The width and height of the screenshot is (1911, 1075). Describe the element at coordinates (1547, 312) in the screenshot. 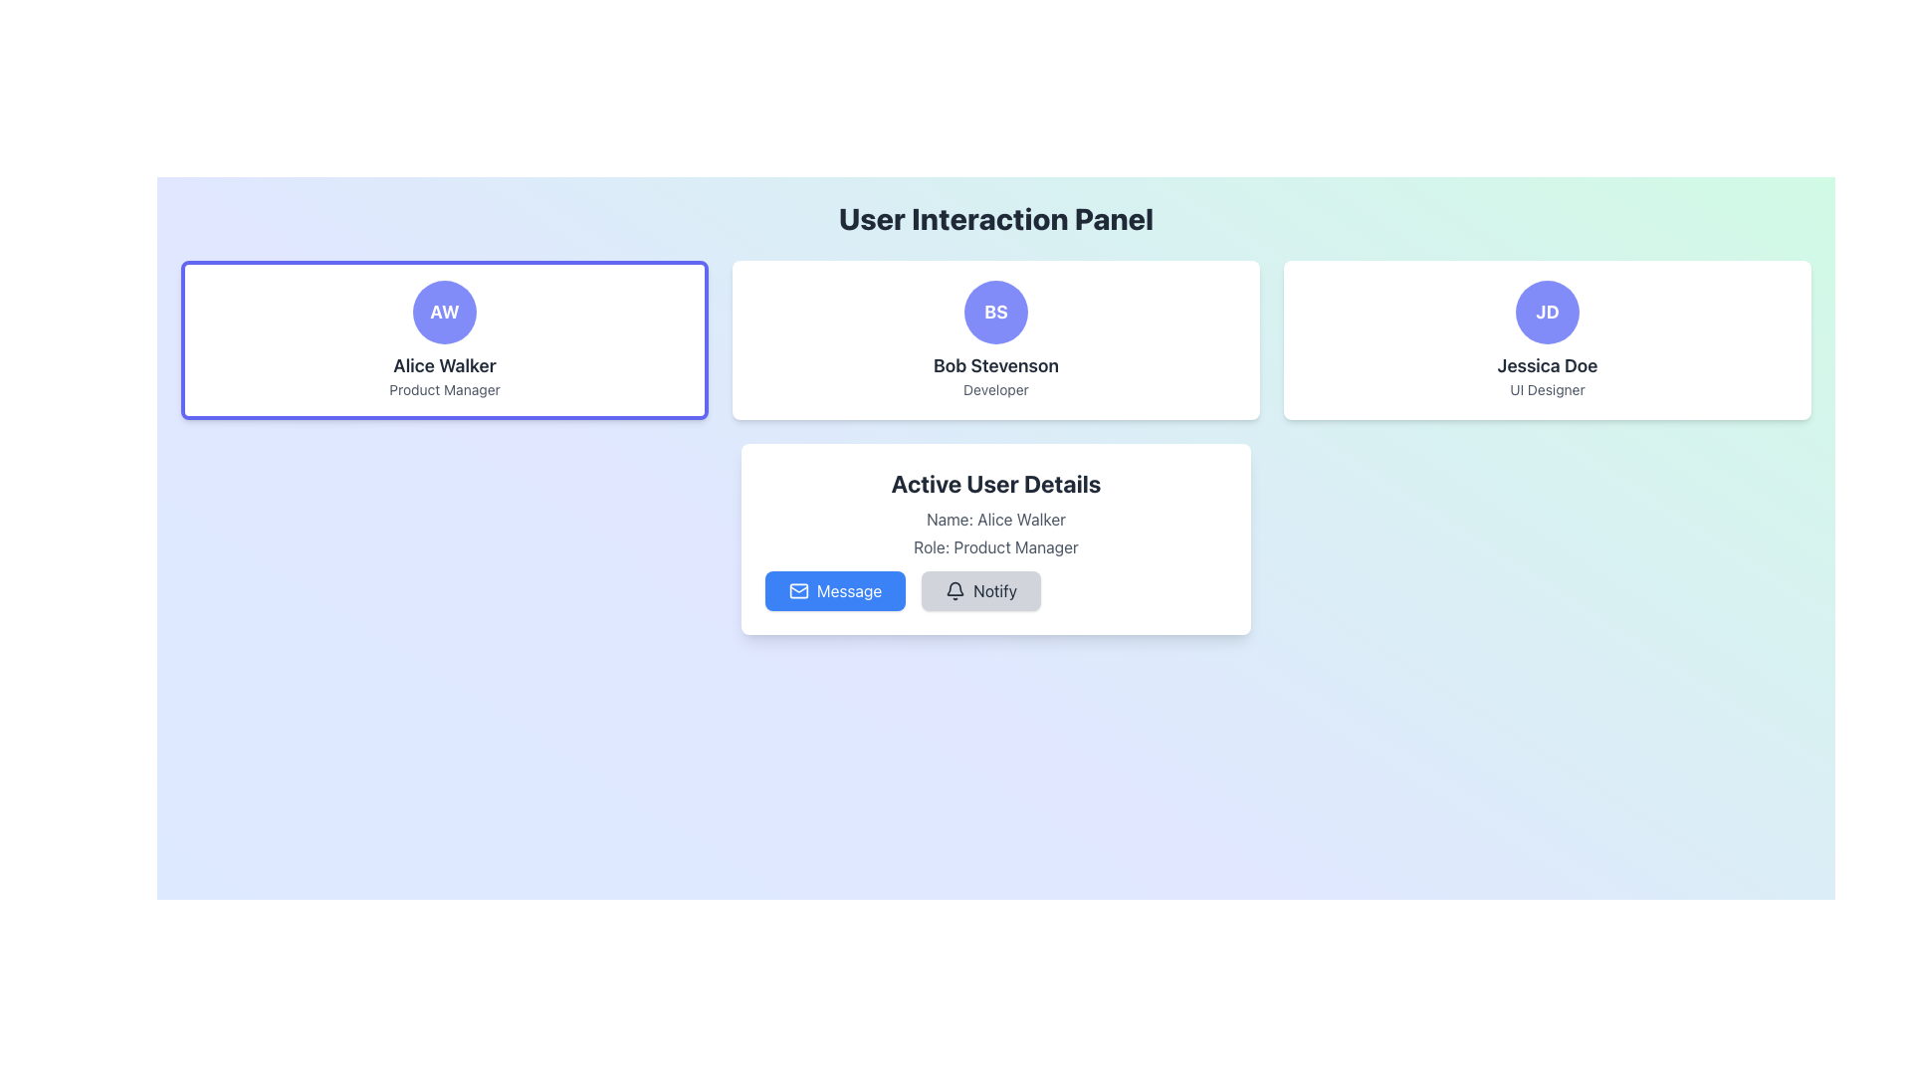

I see `the Profile Avatar for user 'Jessica Doe', which is located in the top-right user card and serves as a visual identifier` at that location.